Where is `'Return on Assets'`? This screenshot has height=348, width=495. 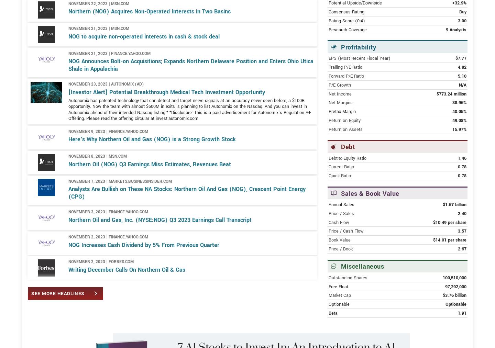
'Return on Assets' is located at coordinates (345, 154).